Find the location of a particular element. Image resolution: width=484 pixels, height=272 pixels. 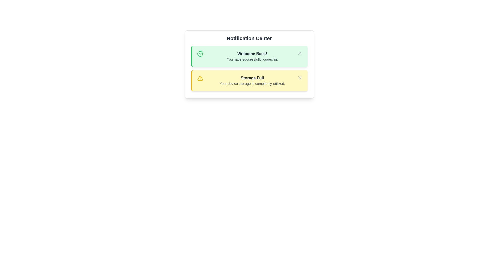

the notification titled 'Storage Full' to read its details is located at coordinates (249, 80).